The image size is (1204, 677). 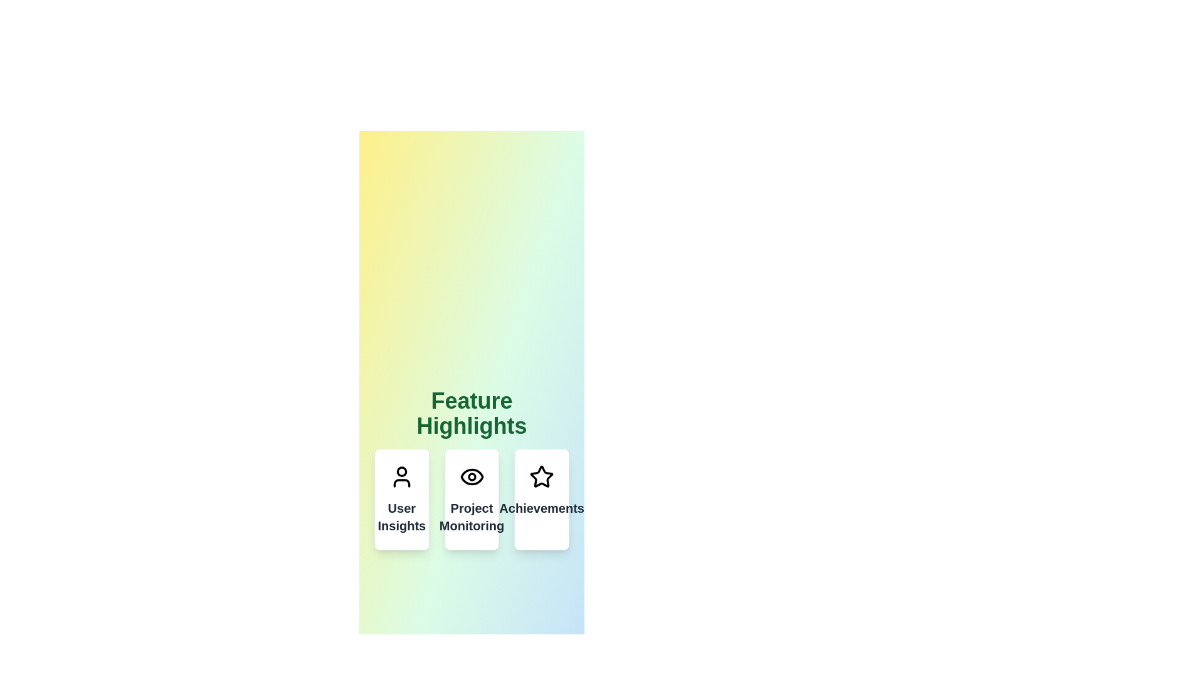 I want to click on text label that displays 'Achievements', which is styled in bold and located below a star icon in the third card of a group of cards, so click(x=542, y=508).